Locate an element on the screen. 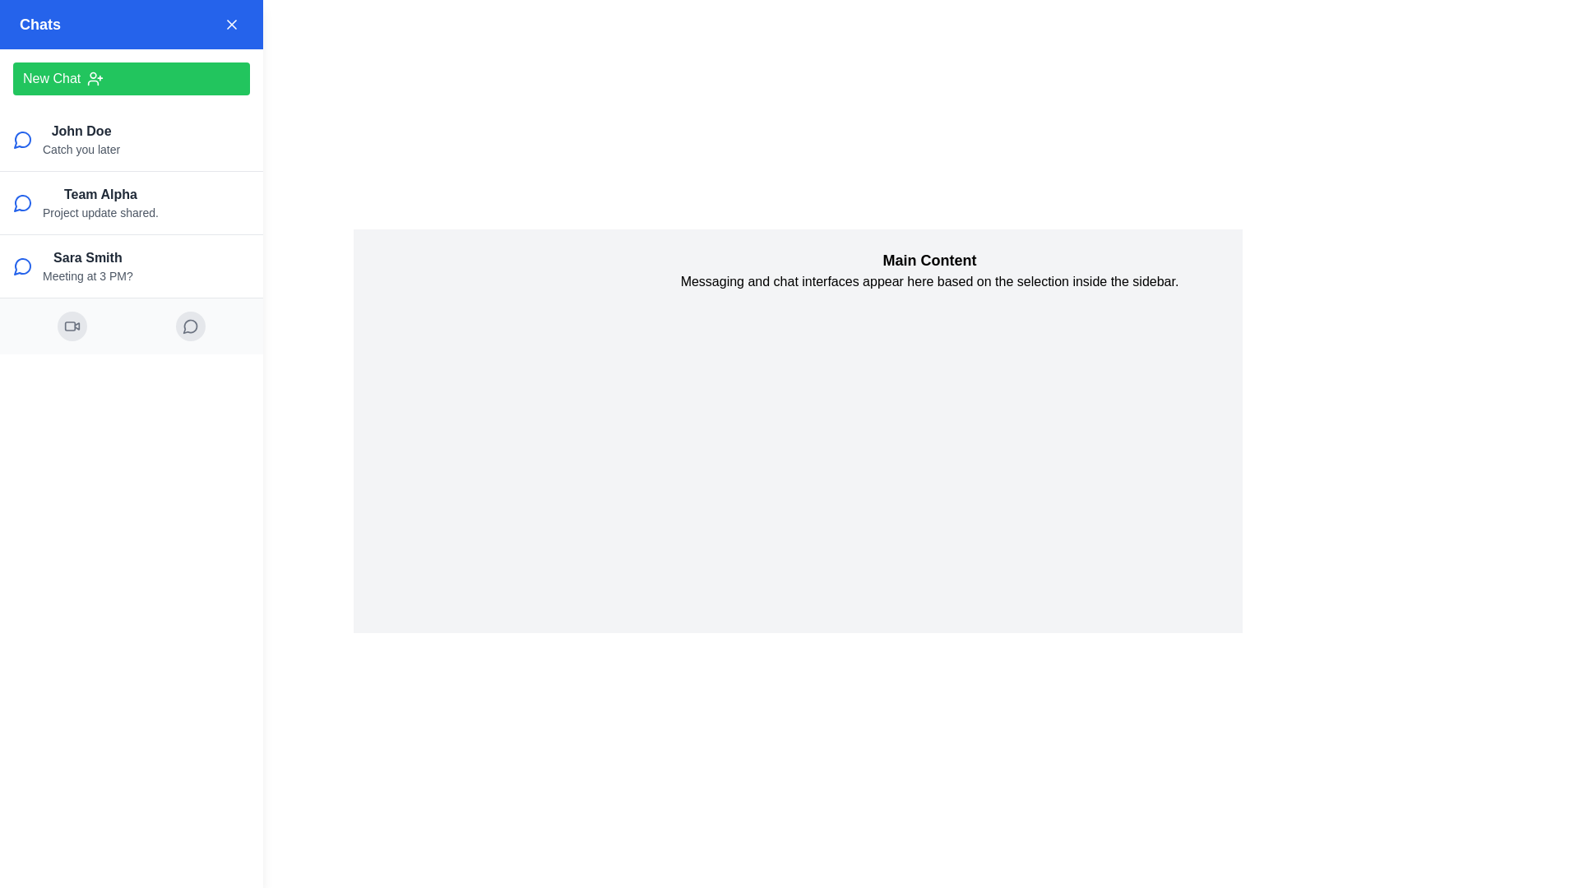 The height and width of the screenshot is (888, 1579). the speech bubble icon within the light gray circular button located at the bottom of the sidebar, which is the second button from the left in the row of circular buttons is located at coordinates (190, 326).